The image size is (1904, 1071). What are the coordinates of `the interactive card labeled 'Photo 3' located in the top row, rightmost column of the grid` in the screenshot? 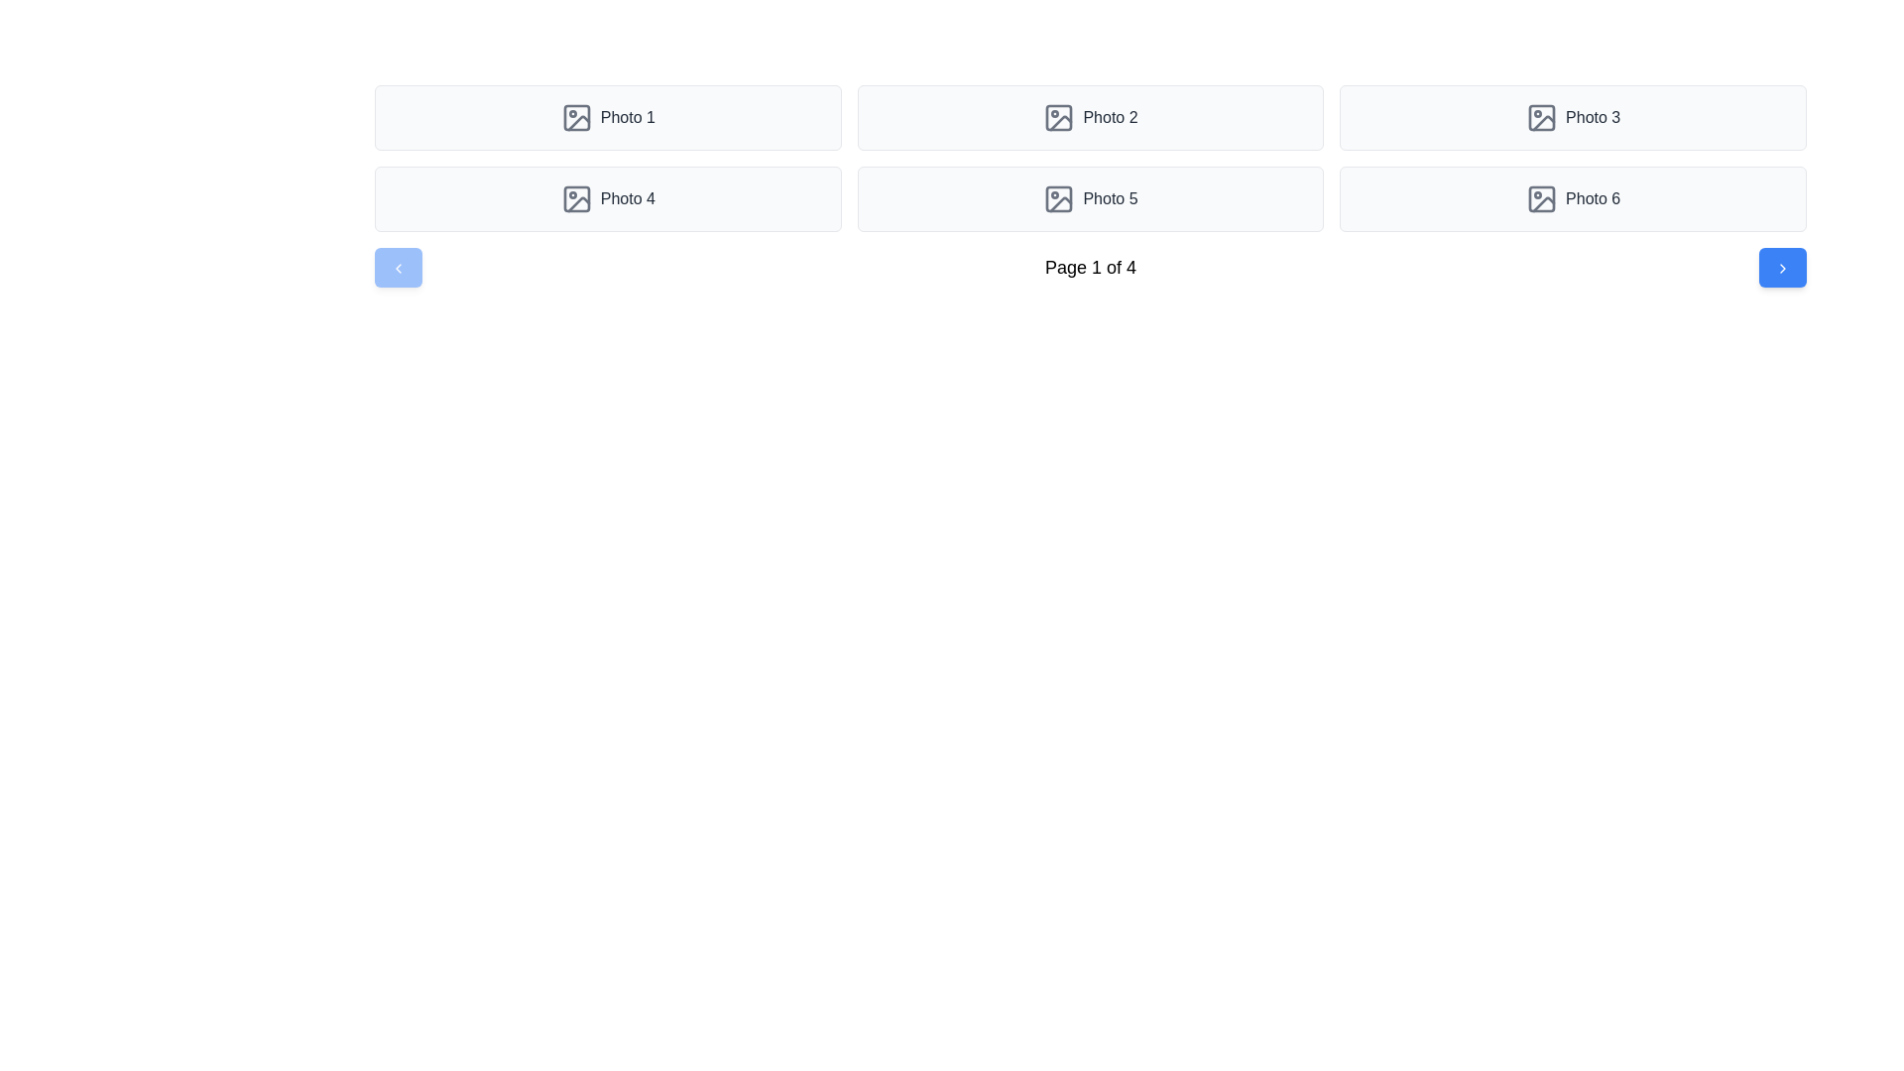 It's located at (1572, 118).